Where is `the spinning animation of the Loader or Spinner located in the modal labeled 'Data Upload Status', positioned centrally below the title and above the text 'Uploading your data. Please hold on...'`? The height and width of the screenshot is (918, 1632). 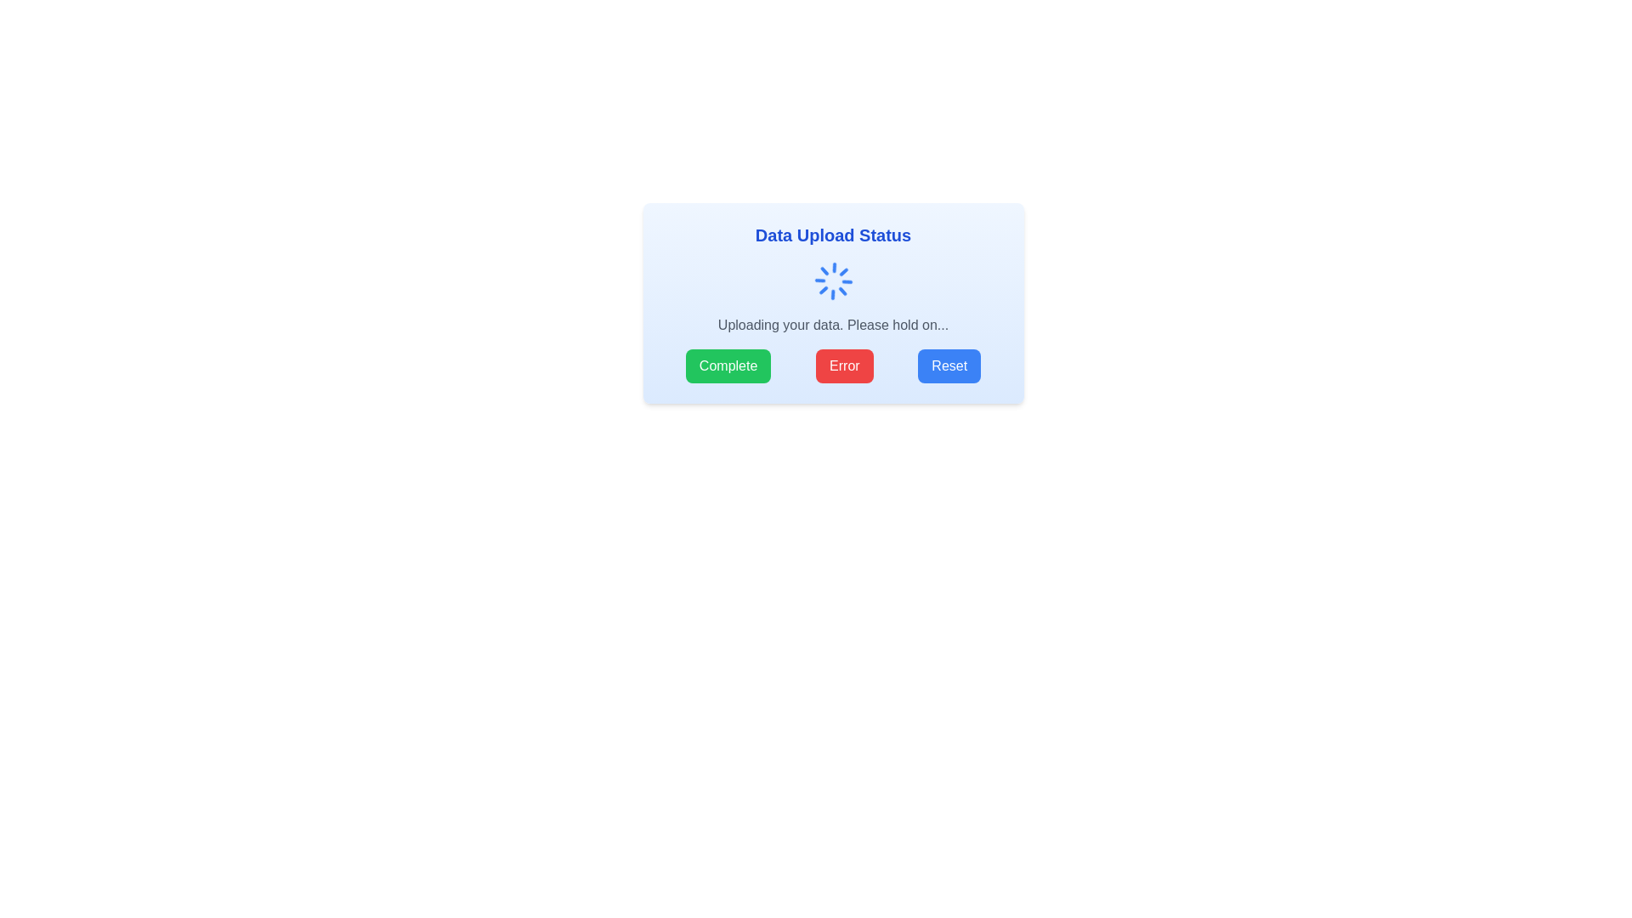 the spinning animation of the Loader or Spinner located in the modal labeled 'Data Upload Status', positioned centrally below the title and above the text 'Uploading your data. Please hold on...' is located at coordinates (833, 280).